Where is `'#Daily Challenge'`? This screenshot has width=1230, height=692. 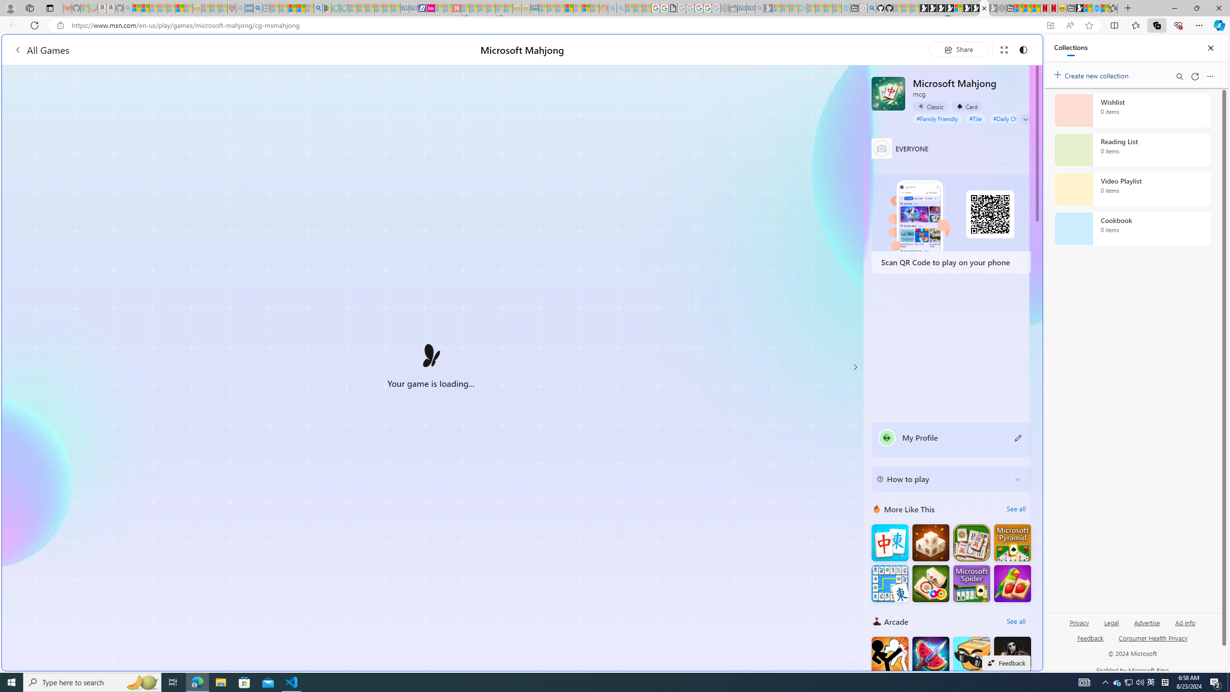 '#Daily Challenge' is located at coordinates (1014, 118).